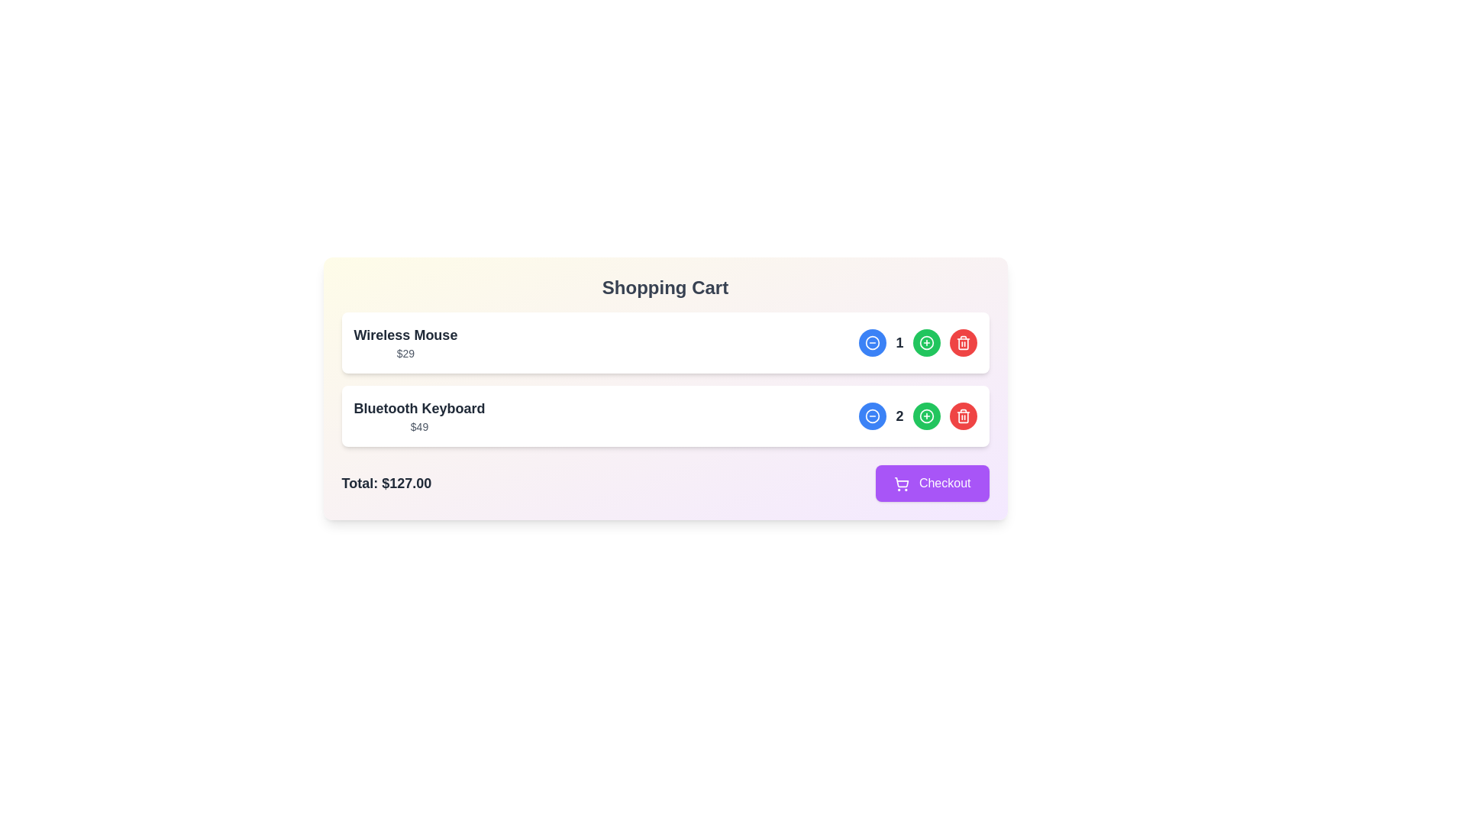 Image resolution: width=1466 pixels, height=825 pixels. I want to click on the static text label that represents the quantity of the first listed item in the shopping cart, located between the blue and green circular buttons, so click(899, 341).